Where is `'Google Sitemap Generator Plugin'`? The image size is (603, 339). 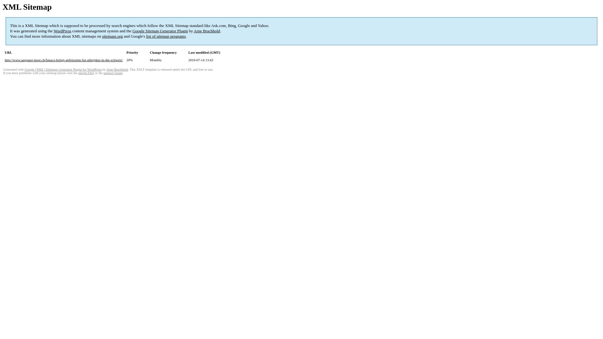
'Google Sitemap Generator Plugin' is located at coordinates (132, 31).